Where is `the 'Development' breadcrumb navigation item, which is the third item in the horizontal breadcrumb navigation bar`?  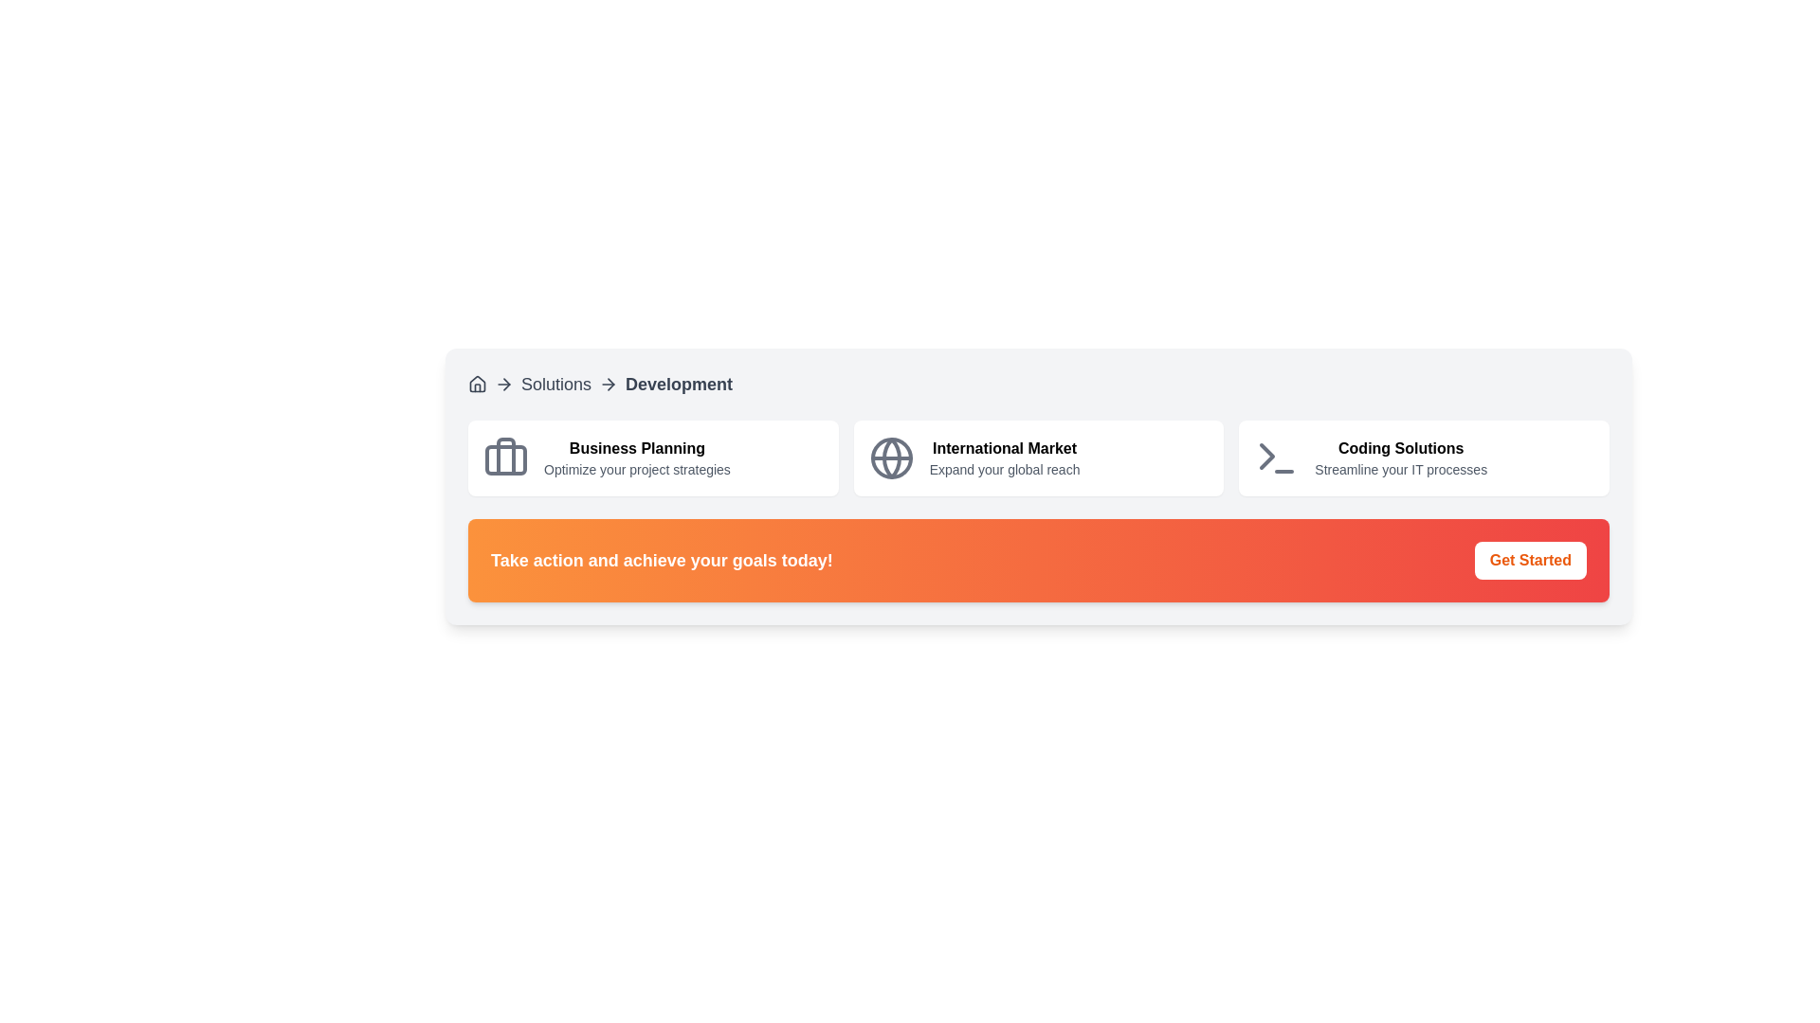
the 'Development' breadcrumb navigation item, which is the third item in the horizontal breadcrumb navigation bar is located at coordinates (679, 384).